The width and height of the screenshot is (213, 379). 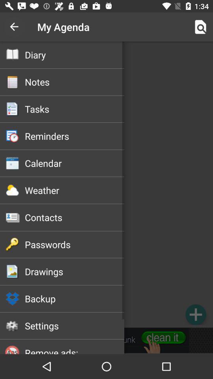 I want to click on the icon to the right of the my agenda, so click(x=200, y=27).